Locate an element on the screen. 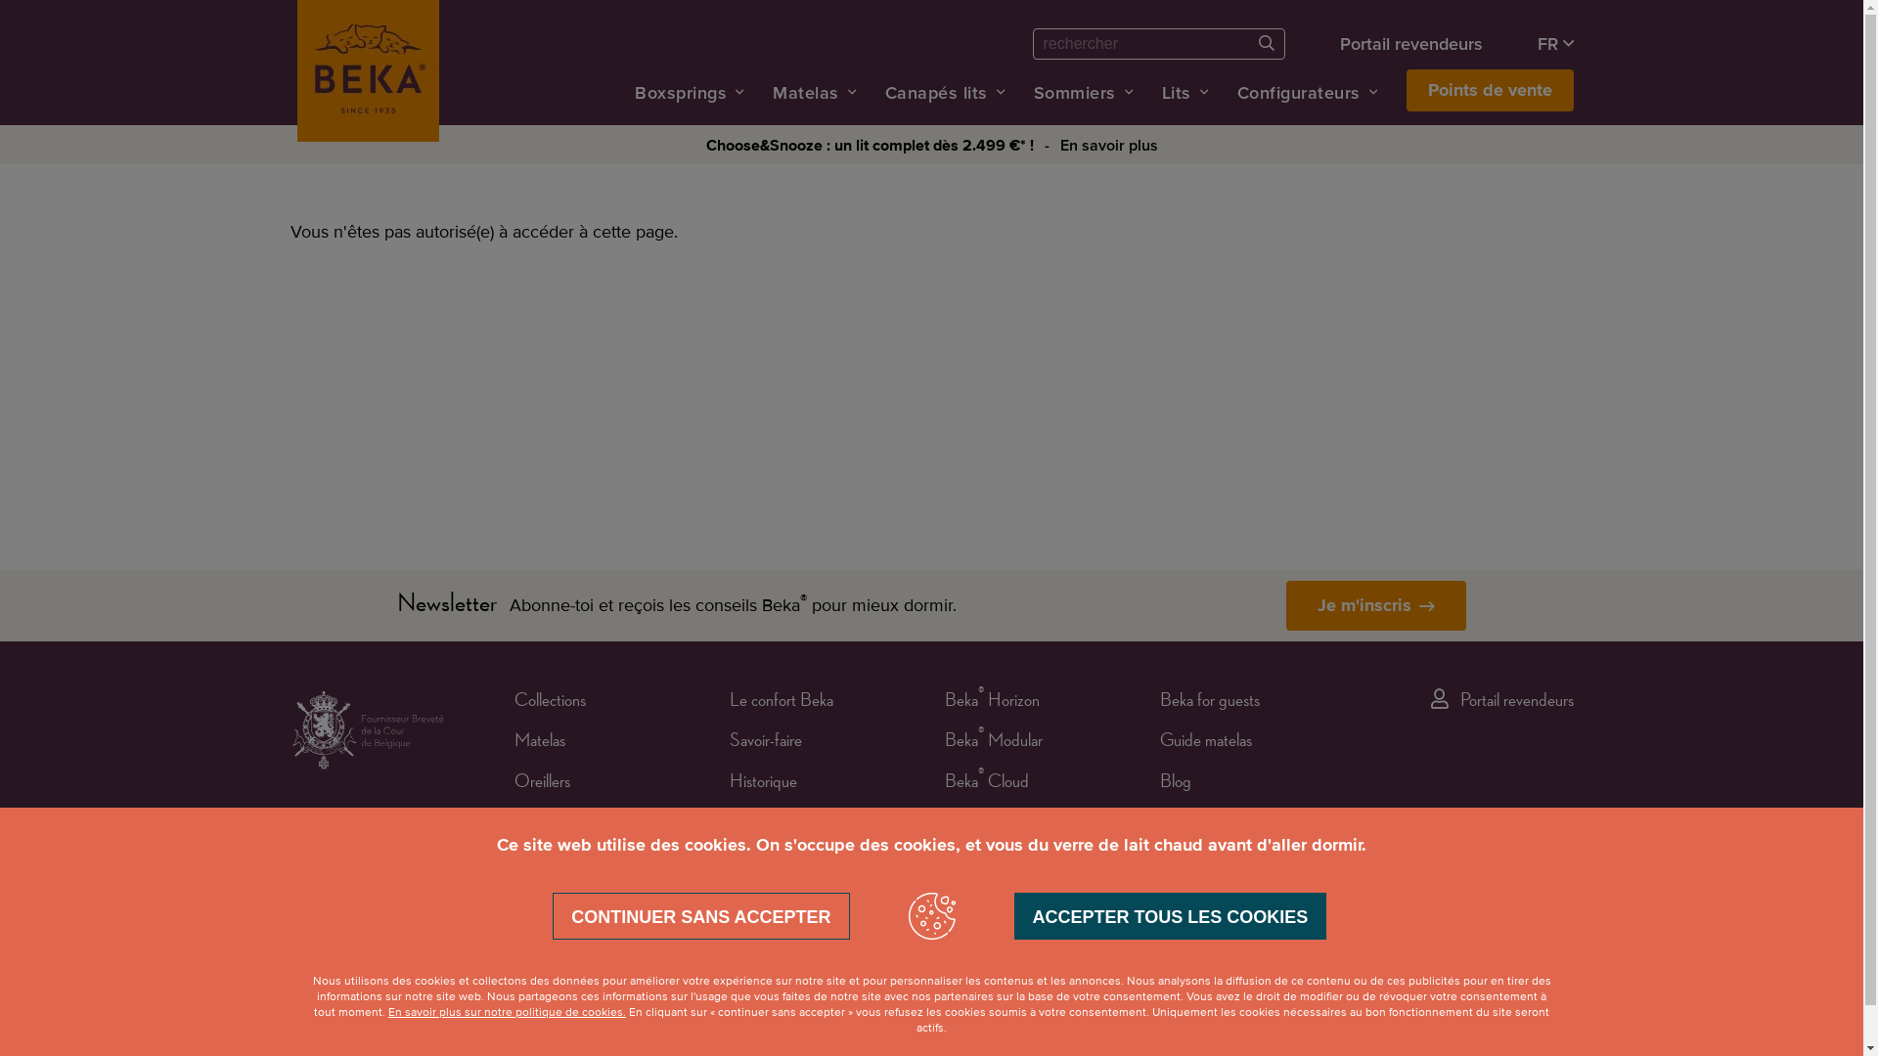  'En savoir plus sur notre politique de cookies.' is located at coordinates (507, 1012).